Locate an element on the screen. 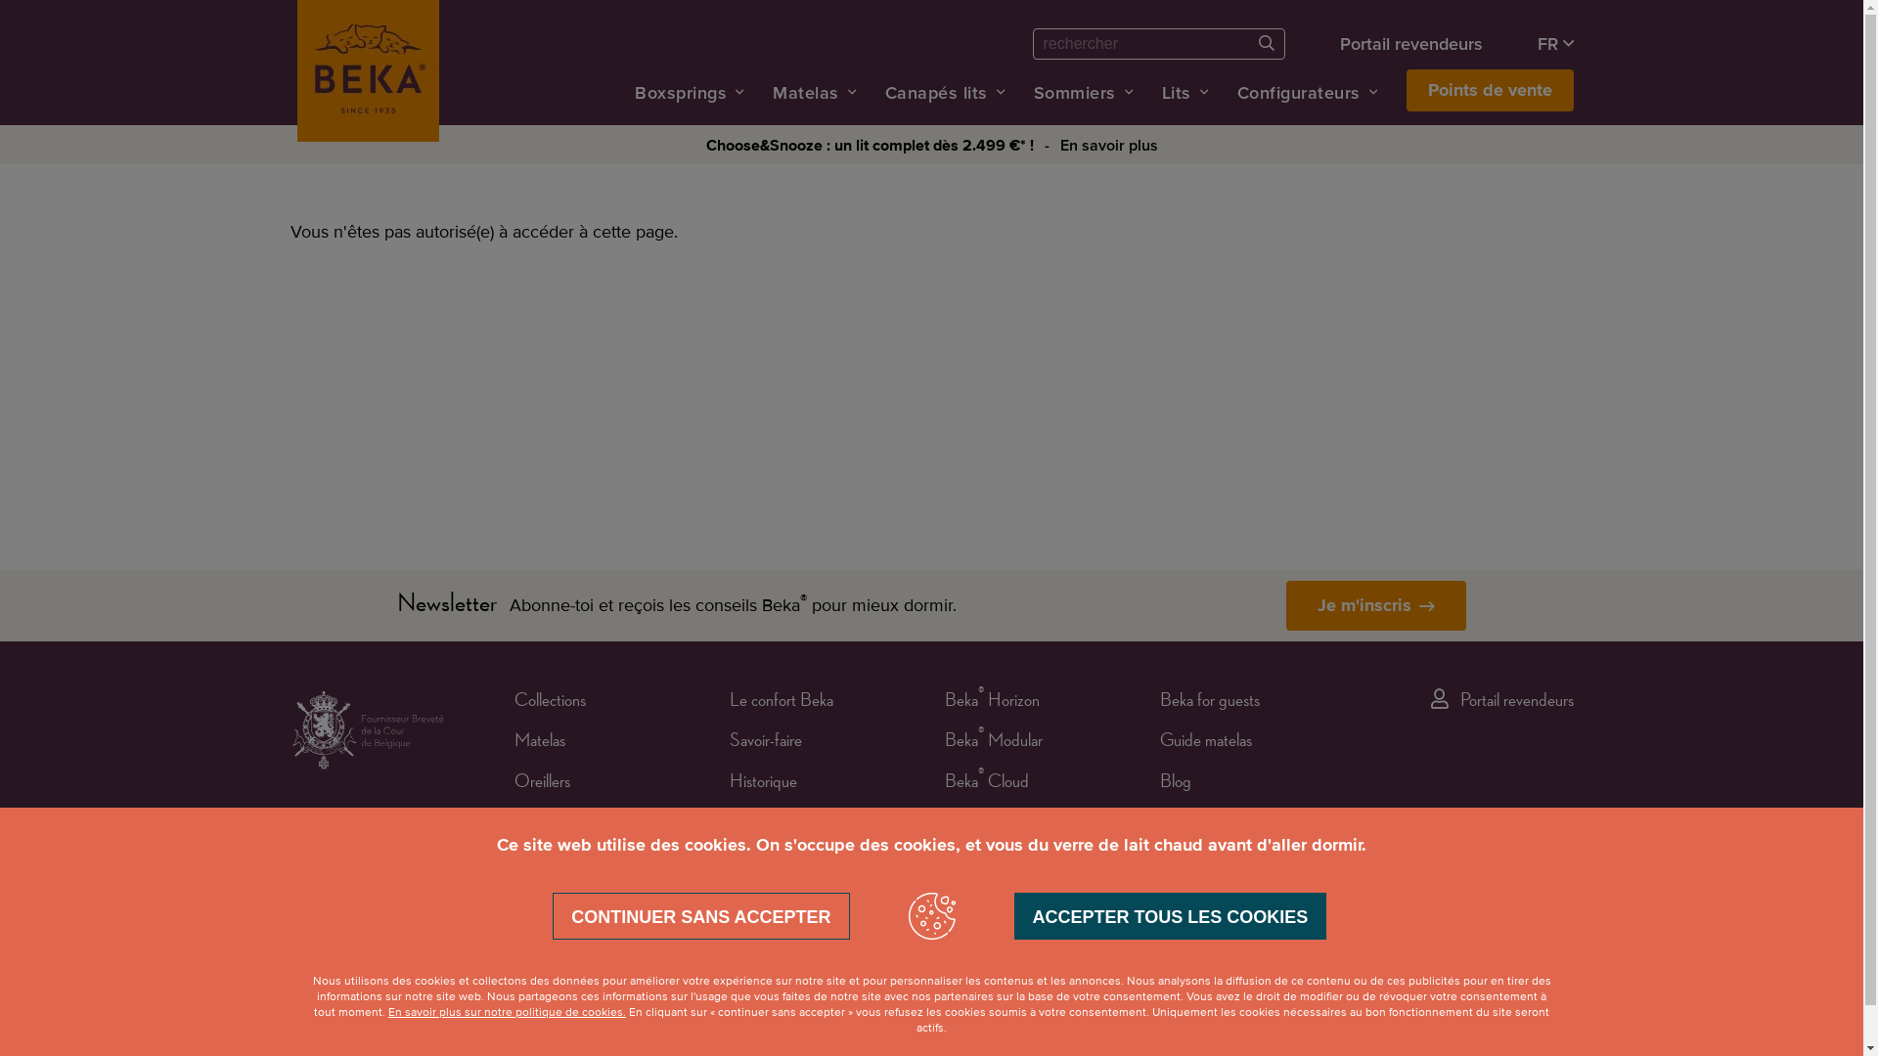  'En savoir plus sur notre politique de cookies.' is located at coordinates (507, 1012).